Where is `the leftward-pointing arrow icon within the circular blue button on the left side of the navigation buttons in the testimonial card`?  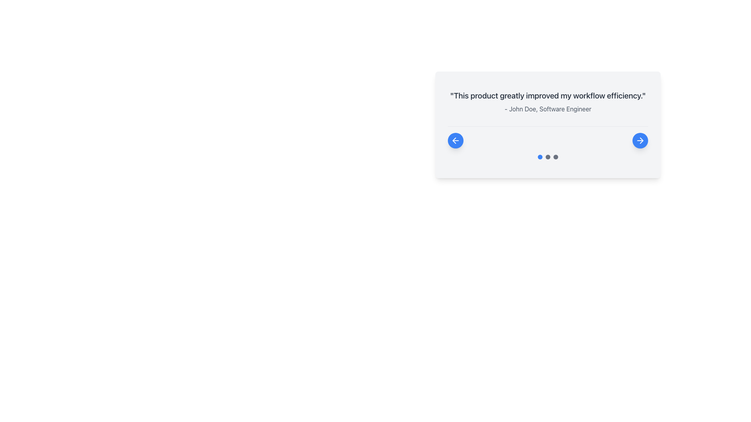 the leftward-pointing arrow icon within the circular blue button on the left side of the navigation buttons in the testimonial card is located at coordinates (456, 140).